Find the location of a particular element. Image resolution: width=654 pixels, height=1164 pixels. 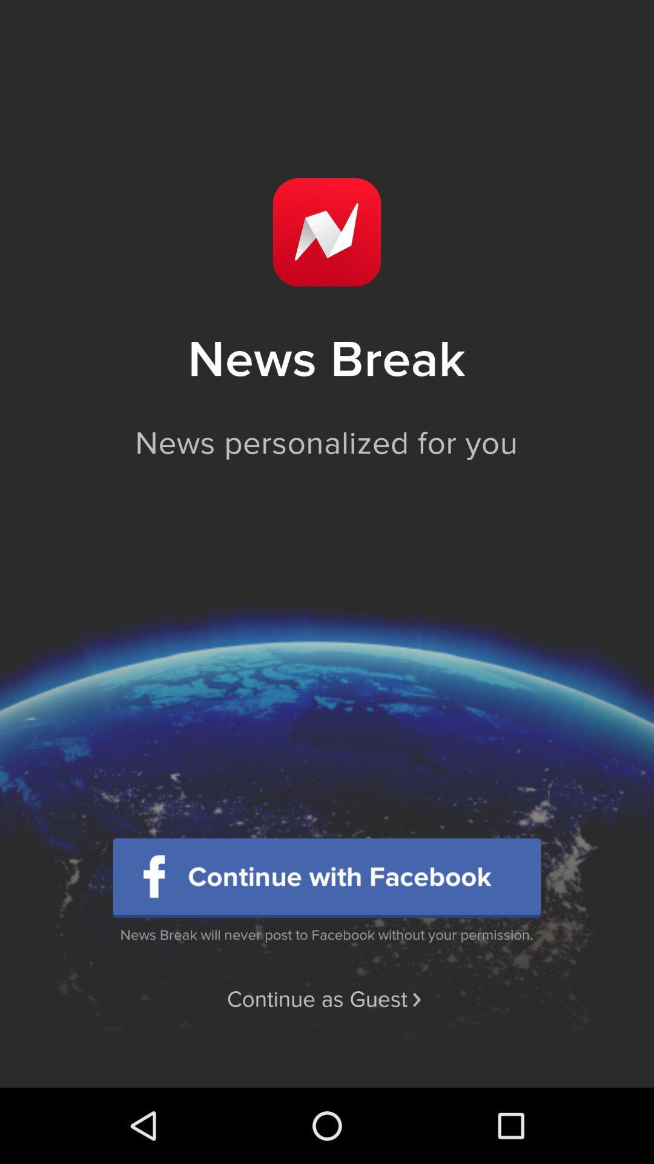

login using facebook is located at coordinates (327, 878).